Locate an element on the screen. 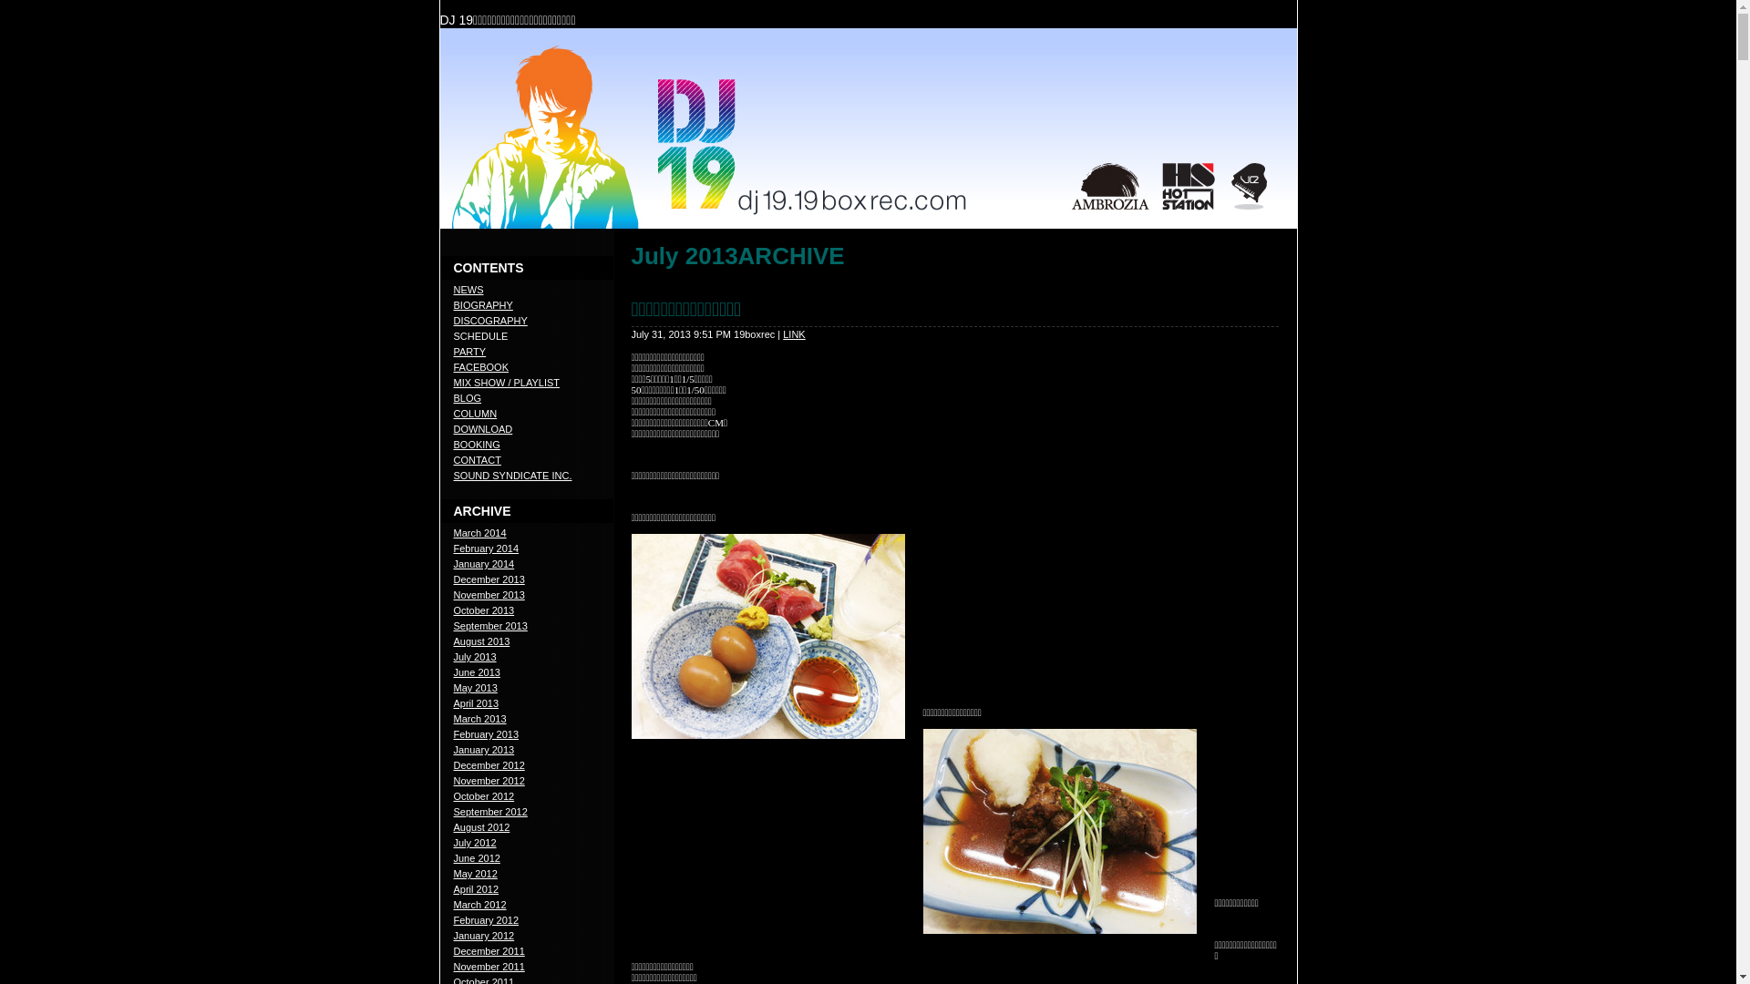  'November 2011' is located at coordinates (489, 965).